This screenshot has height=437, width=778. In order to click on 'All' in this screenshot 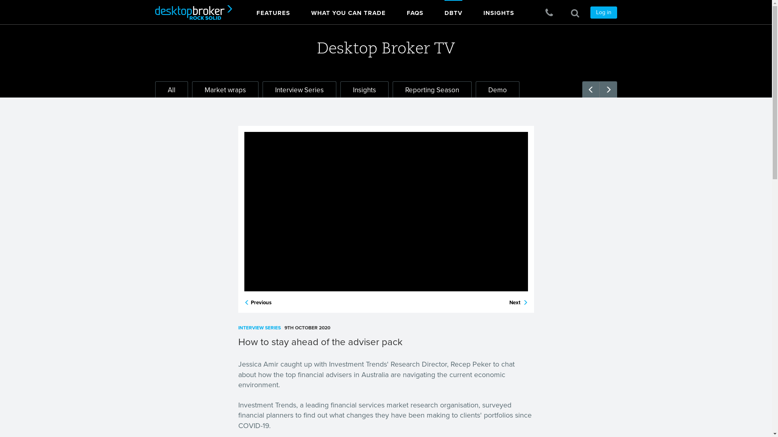, I will do `click(155, 89)`.